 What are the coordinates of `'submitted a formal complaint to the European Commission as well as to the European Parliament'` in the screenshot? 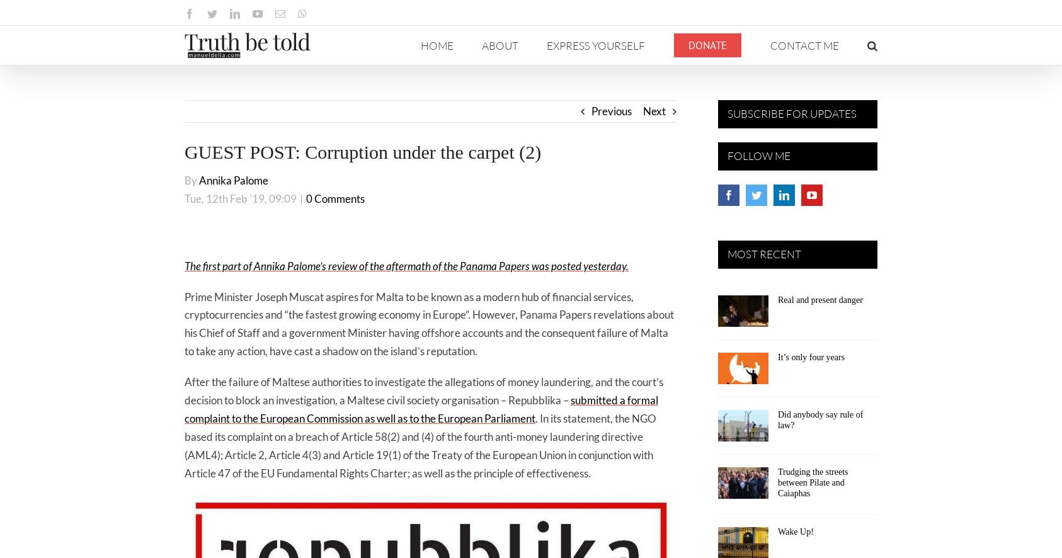 It's located at (184, 409).